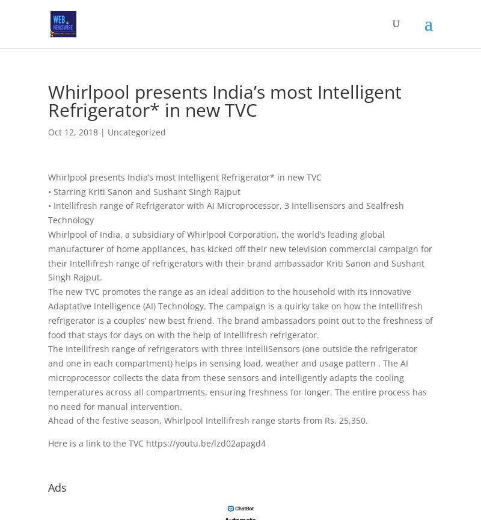  I want to click on '•	Intellifresh range of Refrigerator with AI Microprocessor, 3 Intellisensors and Sealfresh Technology', so click(48, 212).